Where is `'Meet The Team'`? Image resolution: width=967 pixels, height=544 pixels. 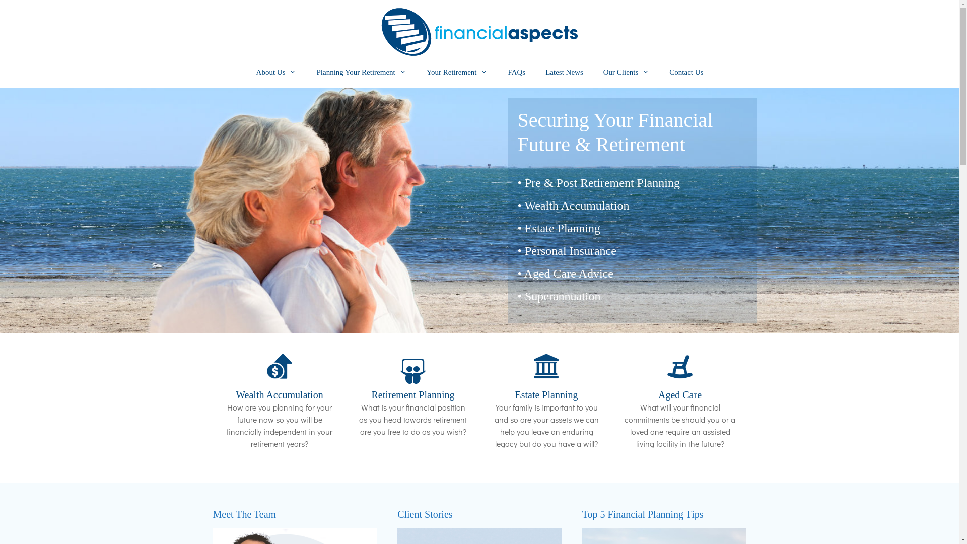 'Meet The Team' is located at coordinates (244, 514).